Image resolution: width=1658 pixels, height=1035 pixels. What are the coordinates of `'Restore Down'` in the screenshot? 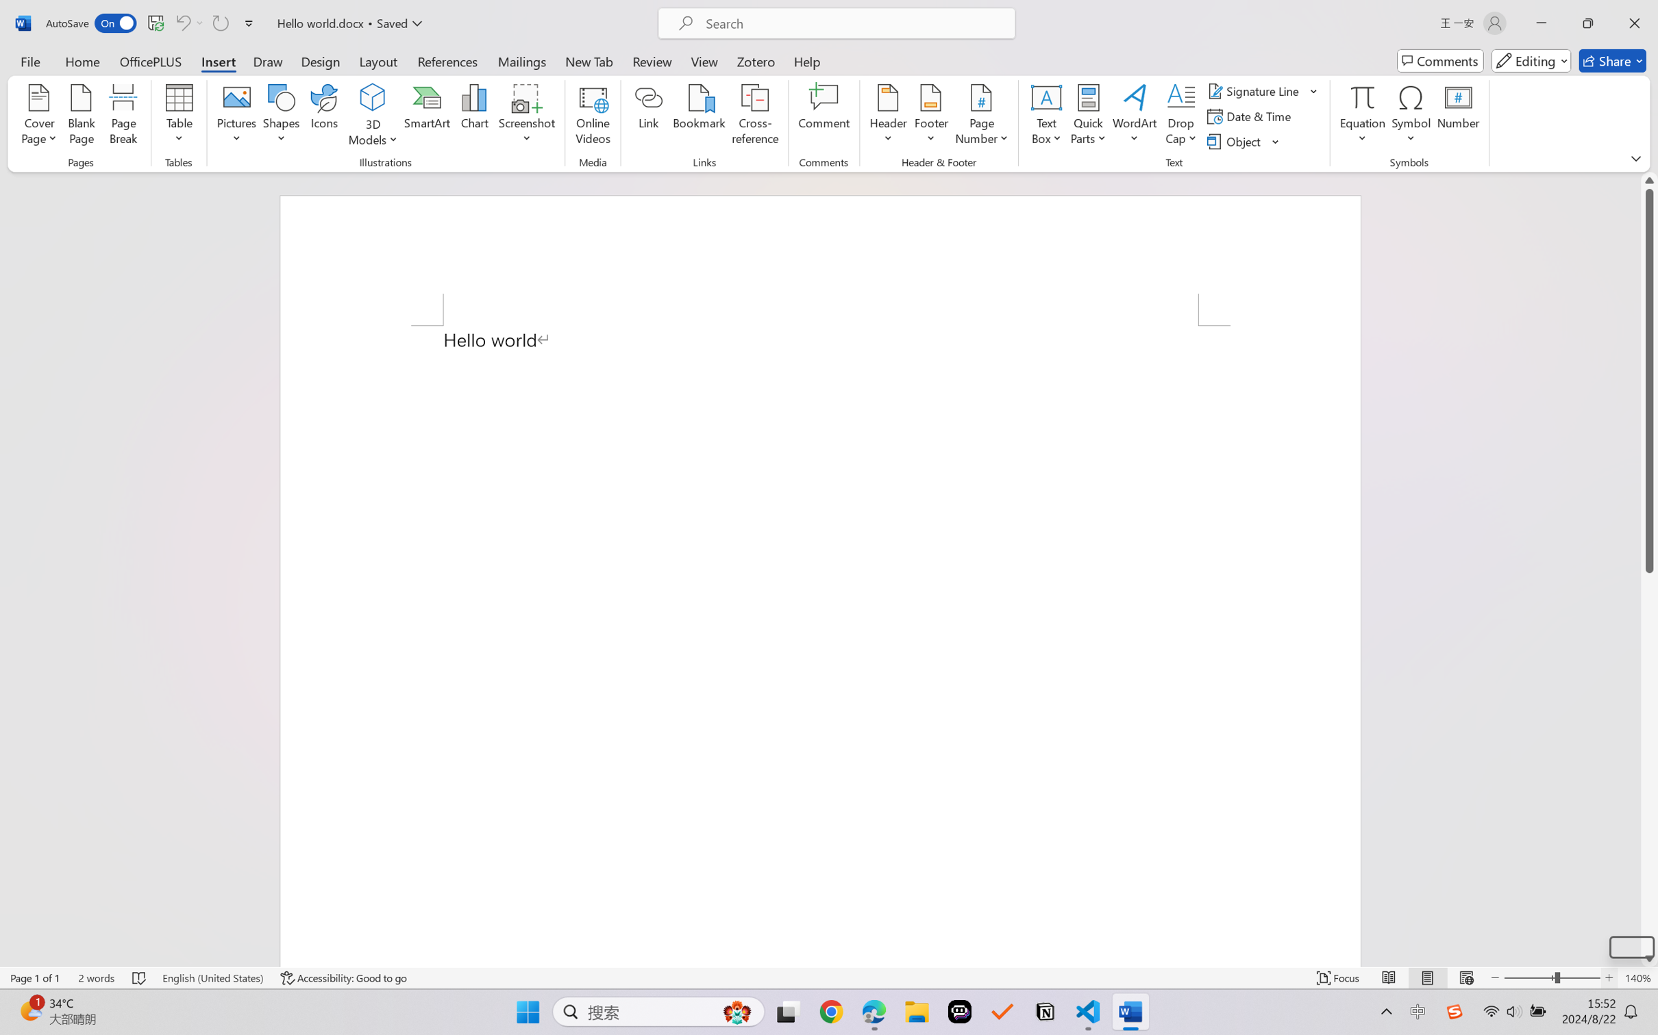 It's located at (1588, 23).